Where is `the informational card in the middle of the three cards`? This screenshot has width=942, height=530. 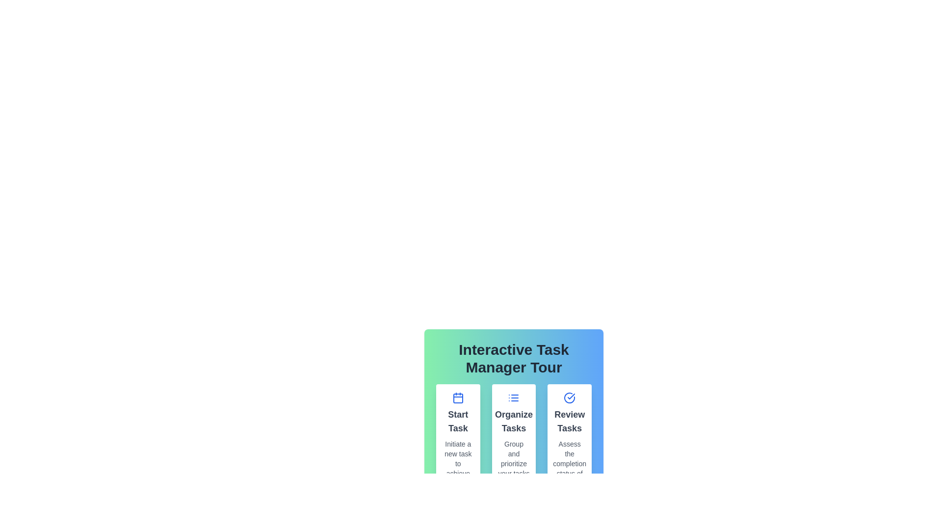 the informational card in the middle of the three cards is located at coordinates (513, 445).